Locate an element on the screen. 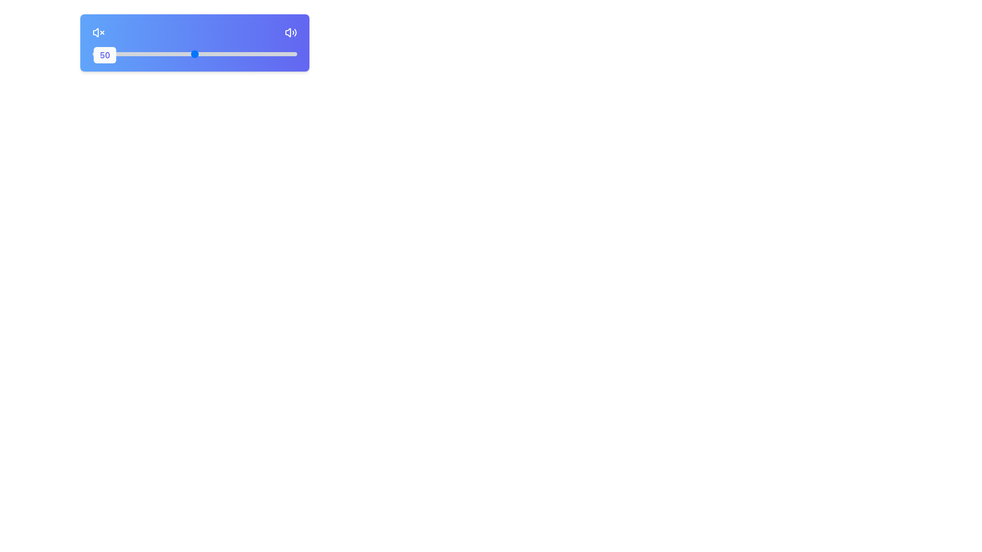 This screenshot has width=982, height=552. the label displaying '50' in a bold indigo-blue font, which is a small rectangular label with rounded corners located above the slider track is located at coordinates (105, 55).